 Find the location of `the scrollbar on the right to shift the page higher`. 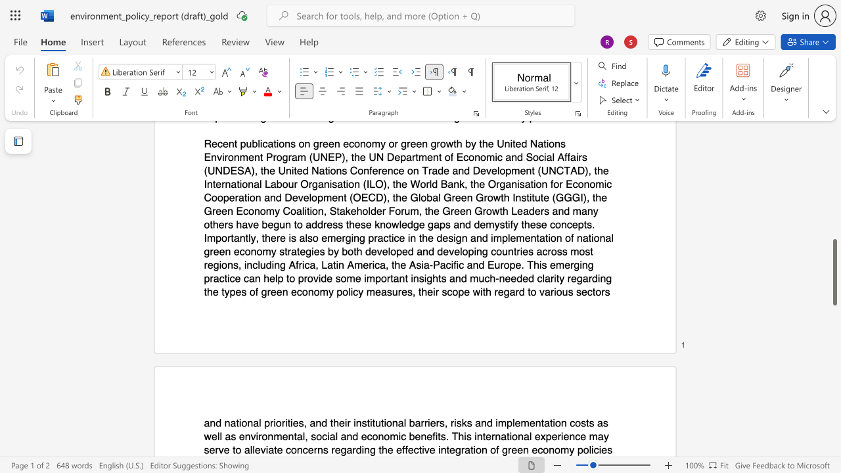

the scrollbar on the right to shift the page higher is located at coordinates (834, 163).